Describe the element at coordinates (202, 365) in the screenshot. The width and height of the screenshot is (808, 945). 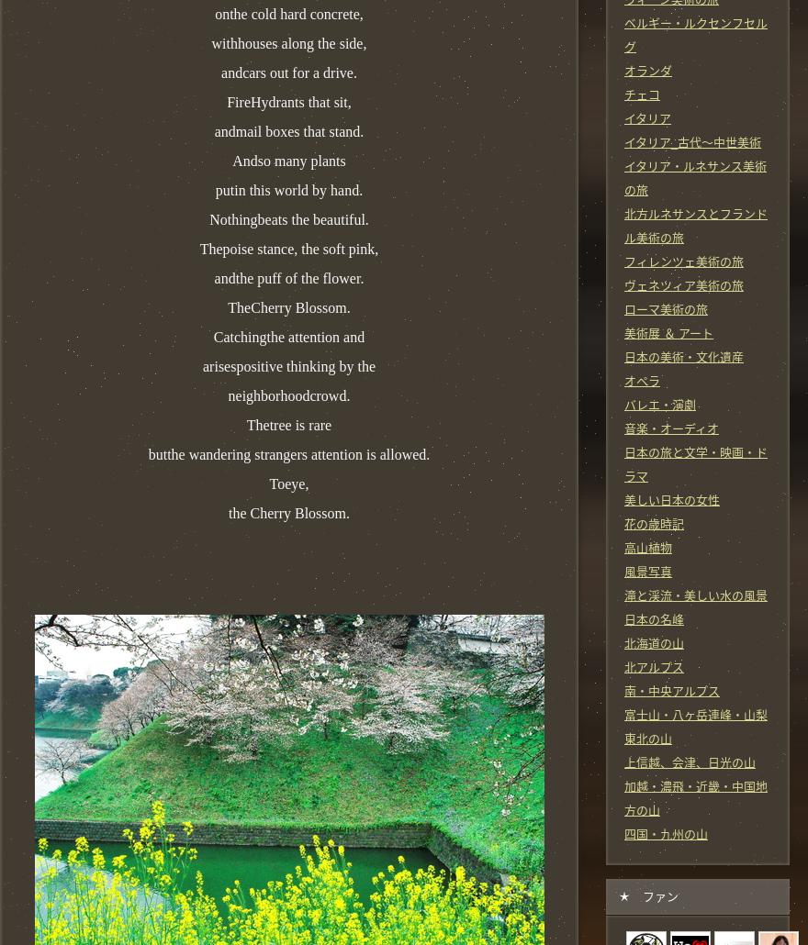
I see `'arisespositive thinking by the'` at that location.